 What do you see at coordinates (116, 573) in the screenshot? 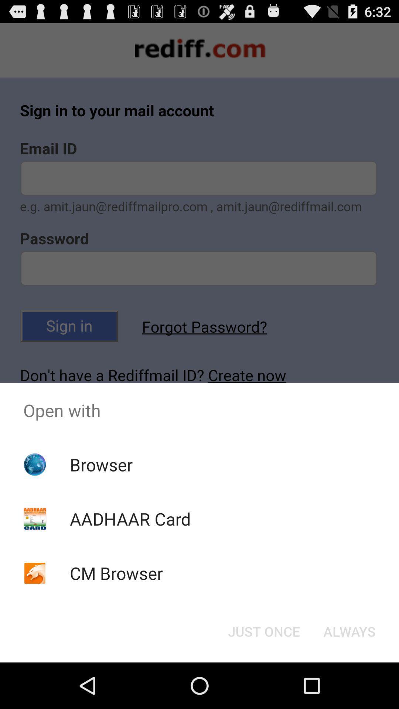
I see `the app below aadhaar card icon` at bounding box center [116, 573].